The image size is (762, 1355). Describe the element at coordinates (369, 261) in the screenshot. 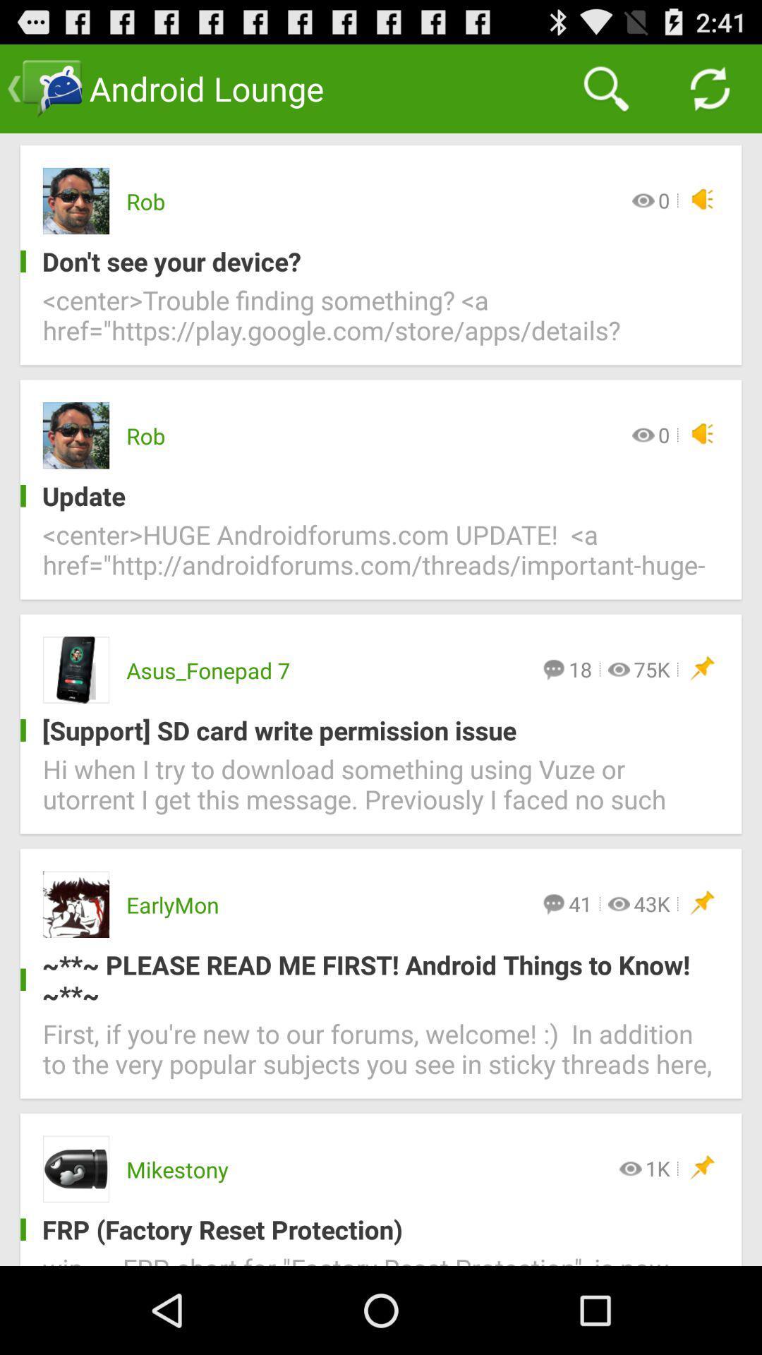

I see `the item above the center trouble finding item` at that location.